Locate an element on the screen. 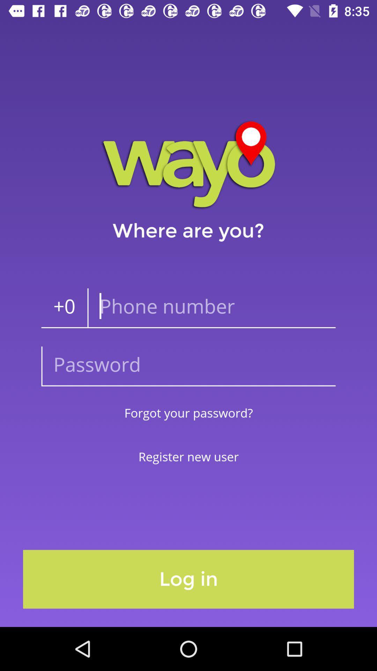 This screenshot has height=671, width=377. the icon to the right of the +0 item is located at coordinates (211, 308).